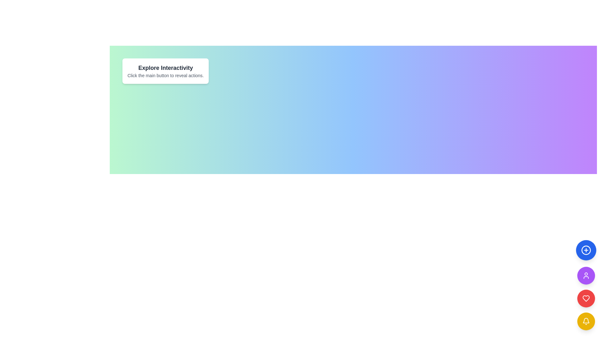  Describe the element at coordinates (586, 250) in the screenshot. I see `the circular icon button with a blue background and a white plus symbol located at the bottom-right corner of the interface` at that location.